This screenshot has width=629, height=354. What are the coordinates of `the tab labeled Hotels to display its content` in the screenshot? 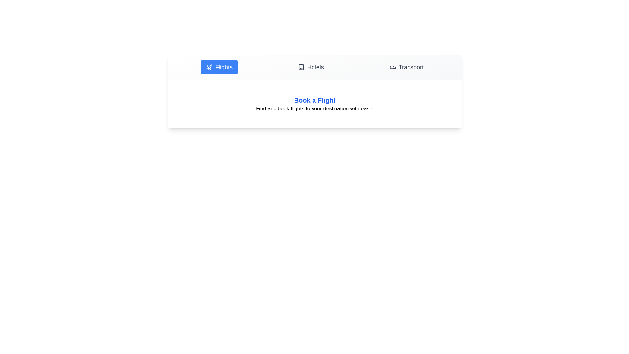 It's located at (311, 67).